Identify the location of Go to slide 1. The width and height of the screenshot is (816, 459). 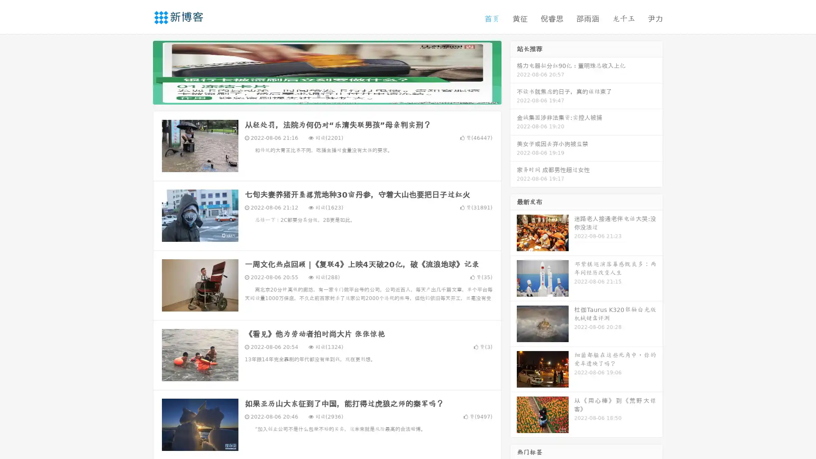
(318, 96).